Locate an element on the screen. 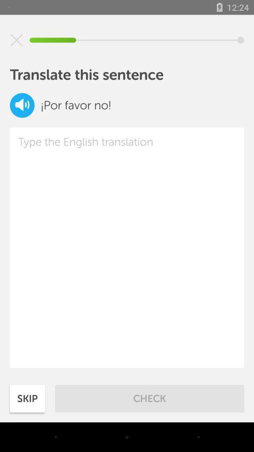 The image size is (254, 452). the check icon is located at coordinates (150, 398).